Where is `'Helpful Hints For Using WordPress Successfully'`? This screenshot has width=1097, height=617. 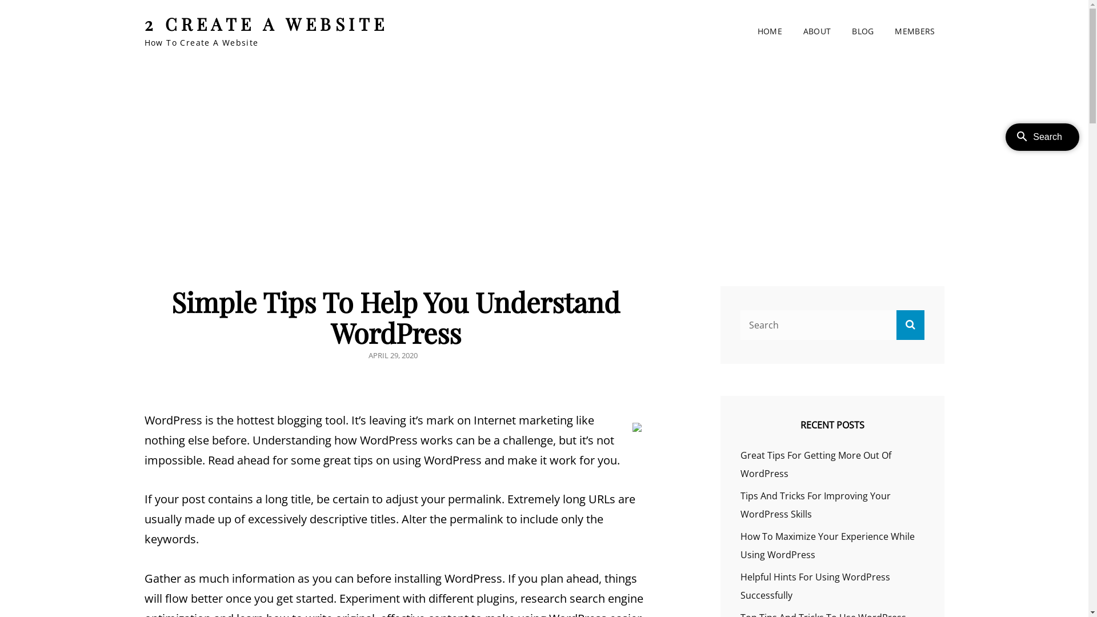 'Helpful Hints For Using WordPress Successfully' is located at coordinates (814, 586).